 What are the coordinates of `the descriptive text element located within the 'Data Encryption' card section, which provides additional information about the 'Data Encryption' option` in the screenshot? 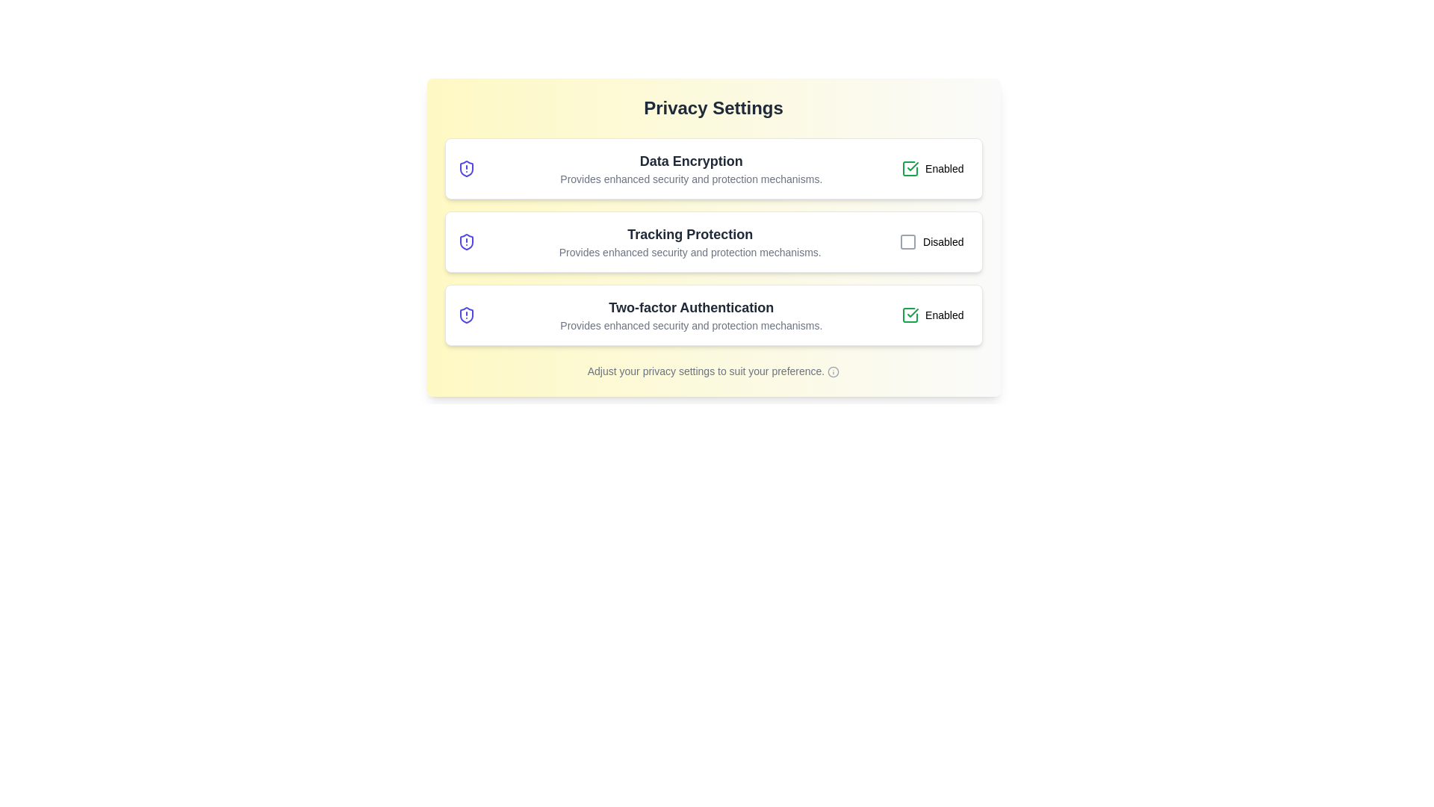 It's located at (690, 178).